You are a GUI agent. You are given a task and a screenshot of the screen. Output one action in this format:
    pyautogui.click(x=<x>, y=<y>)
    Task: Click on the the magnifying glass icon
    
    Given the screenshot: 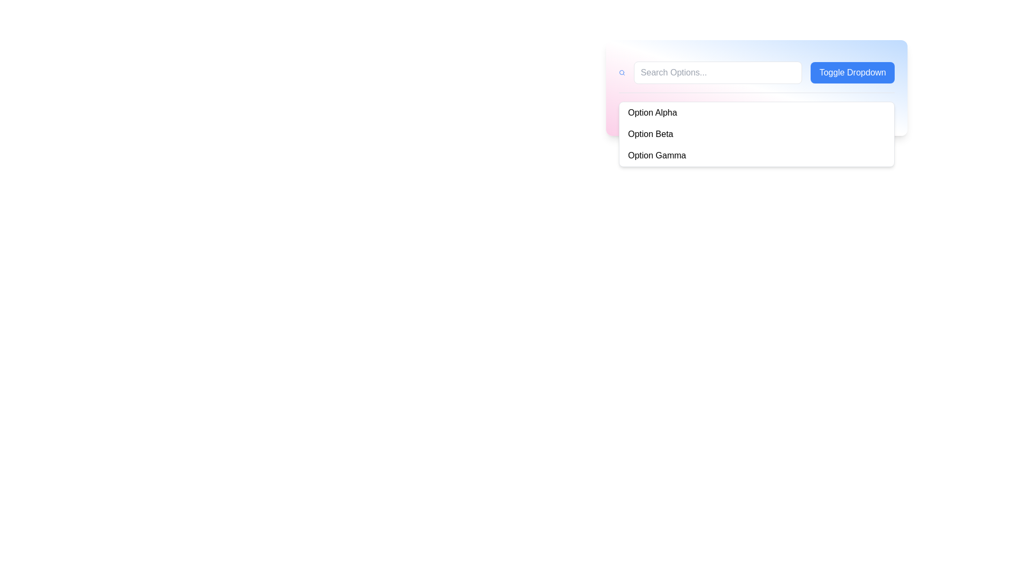 What is the action you would take?
    pyautogui.click(x=622, y=72)
    